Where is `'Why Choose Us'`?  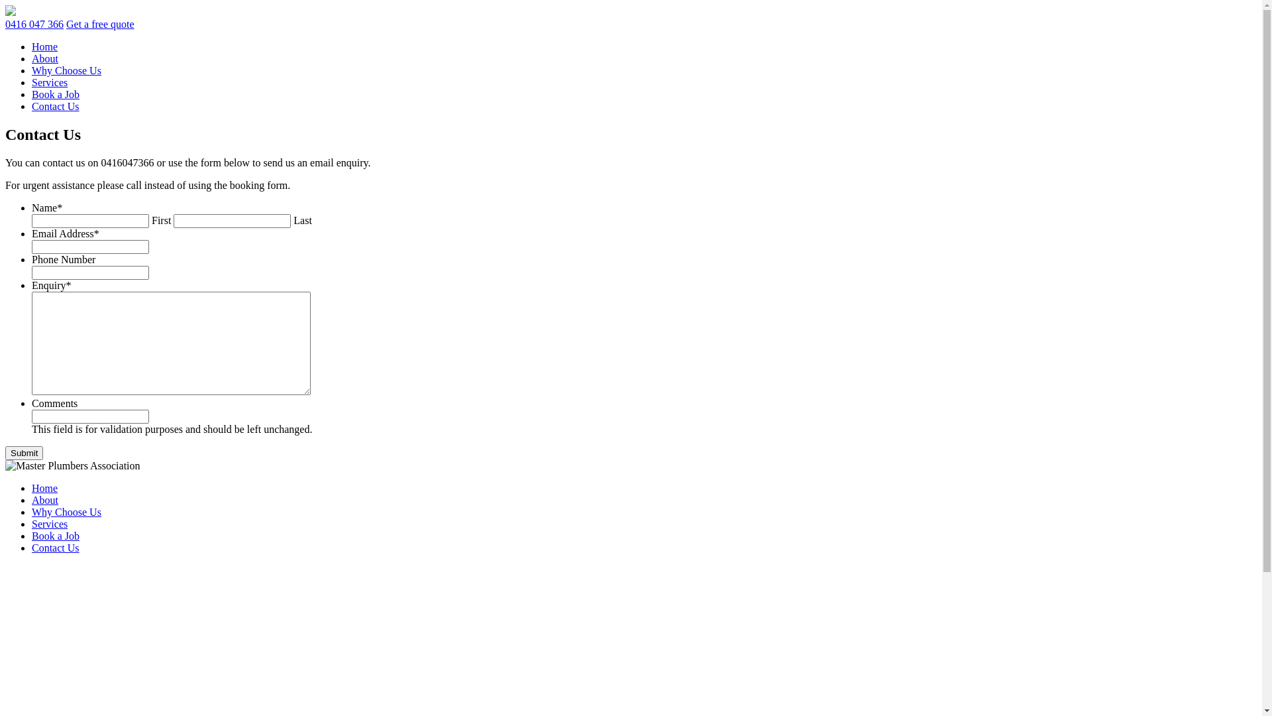 'Why Choose Us' is located at coordinates (66, 511).